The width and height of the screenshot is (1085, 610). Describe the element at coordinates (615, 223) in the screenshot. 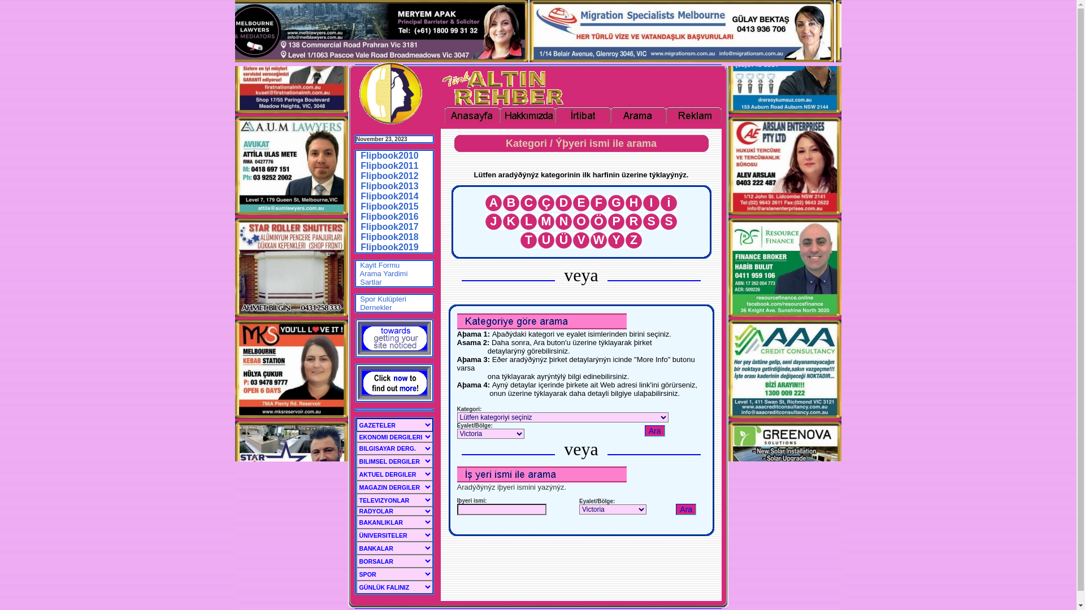

I see `'P'` at that location.